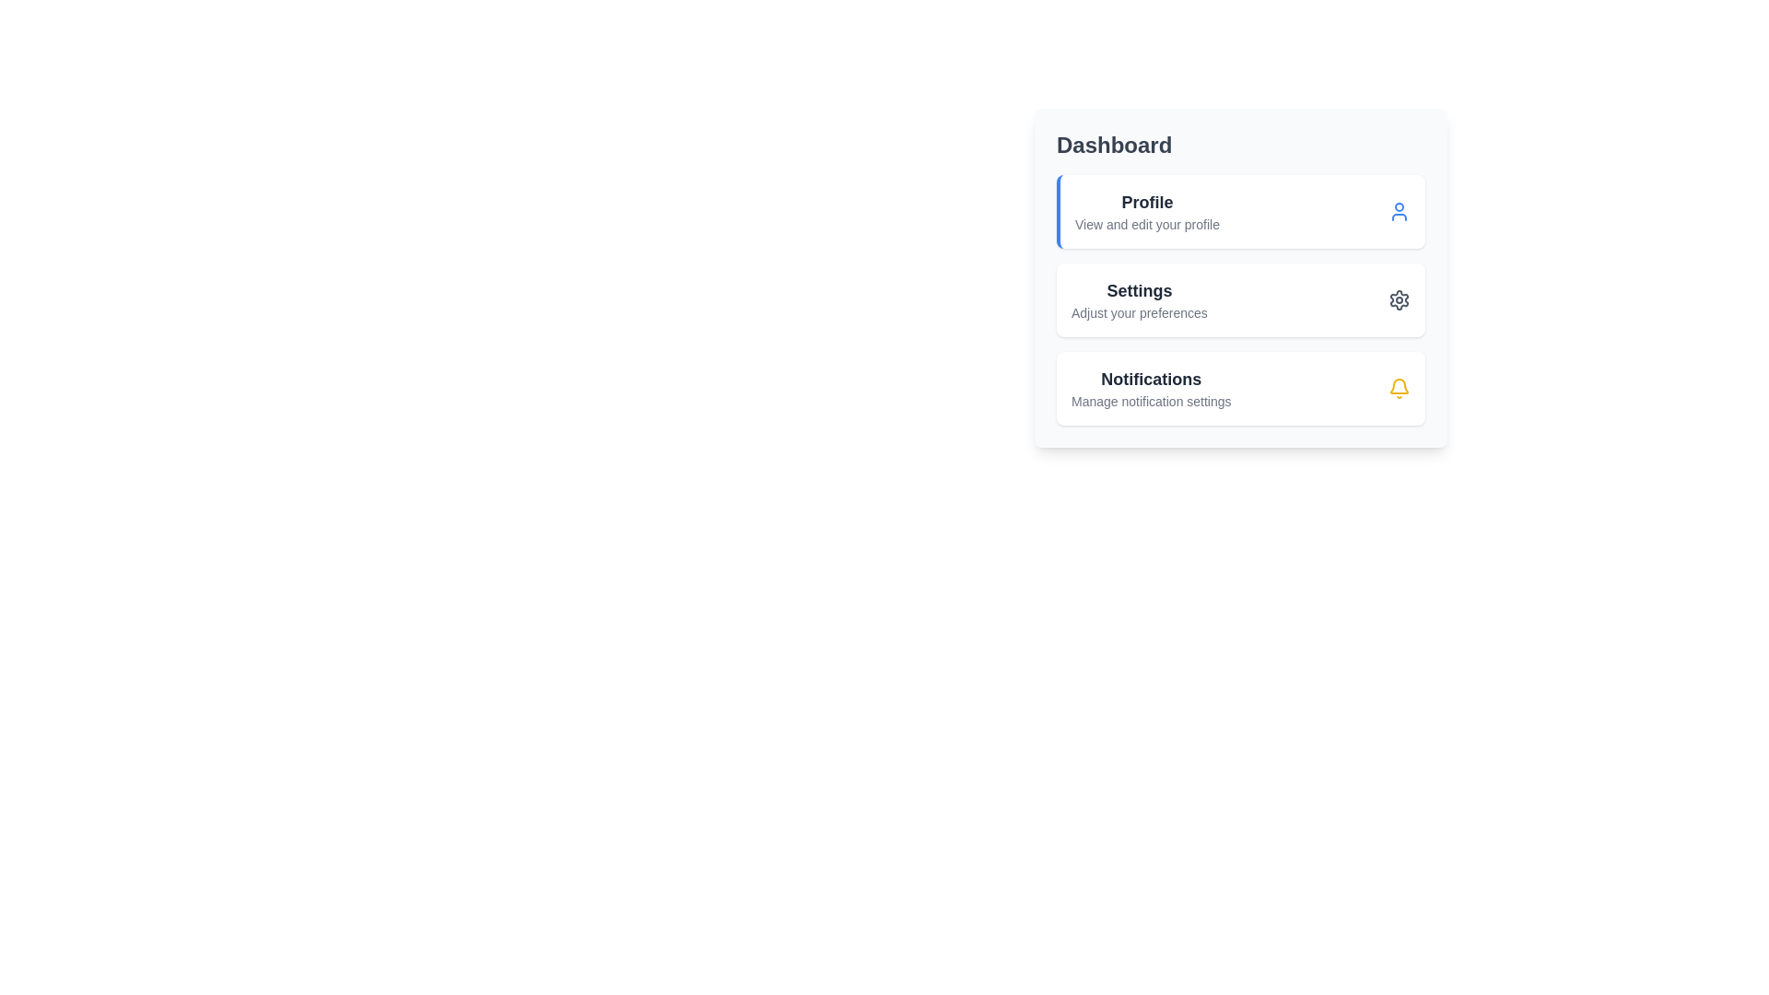 Image resolution: width=1769 pixels, height=995 pixels. Describe the element at coordinates (1399, 211) in the screenshot. I see `the user icon styled in blue located at the far right of the 'Profile' section in the dashboard interface` at that location.